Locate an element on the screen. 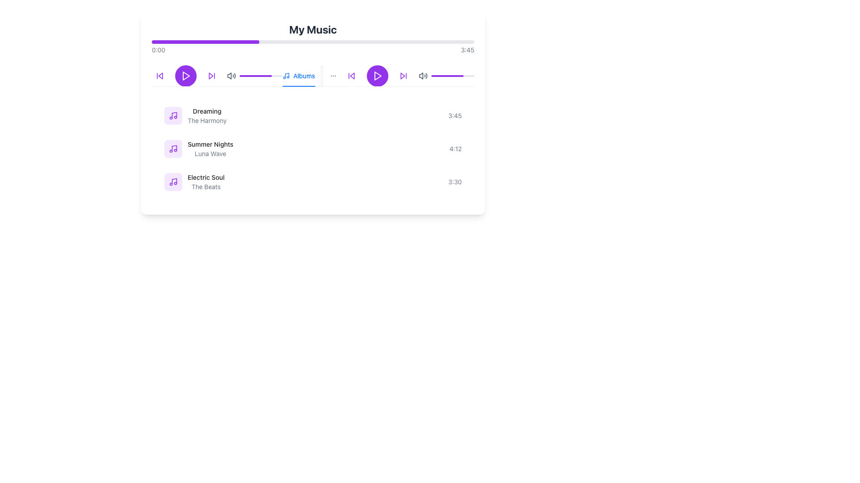 Image resolution: width=860 pixels, height=483 pixels. the 'Playlists' label, which is displayed in a bold style and located next to a music playlist icon in the upper center of the media playback control interface is located at coordinates (395, 75).